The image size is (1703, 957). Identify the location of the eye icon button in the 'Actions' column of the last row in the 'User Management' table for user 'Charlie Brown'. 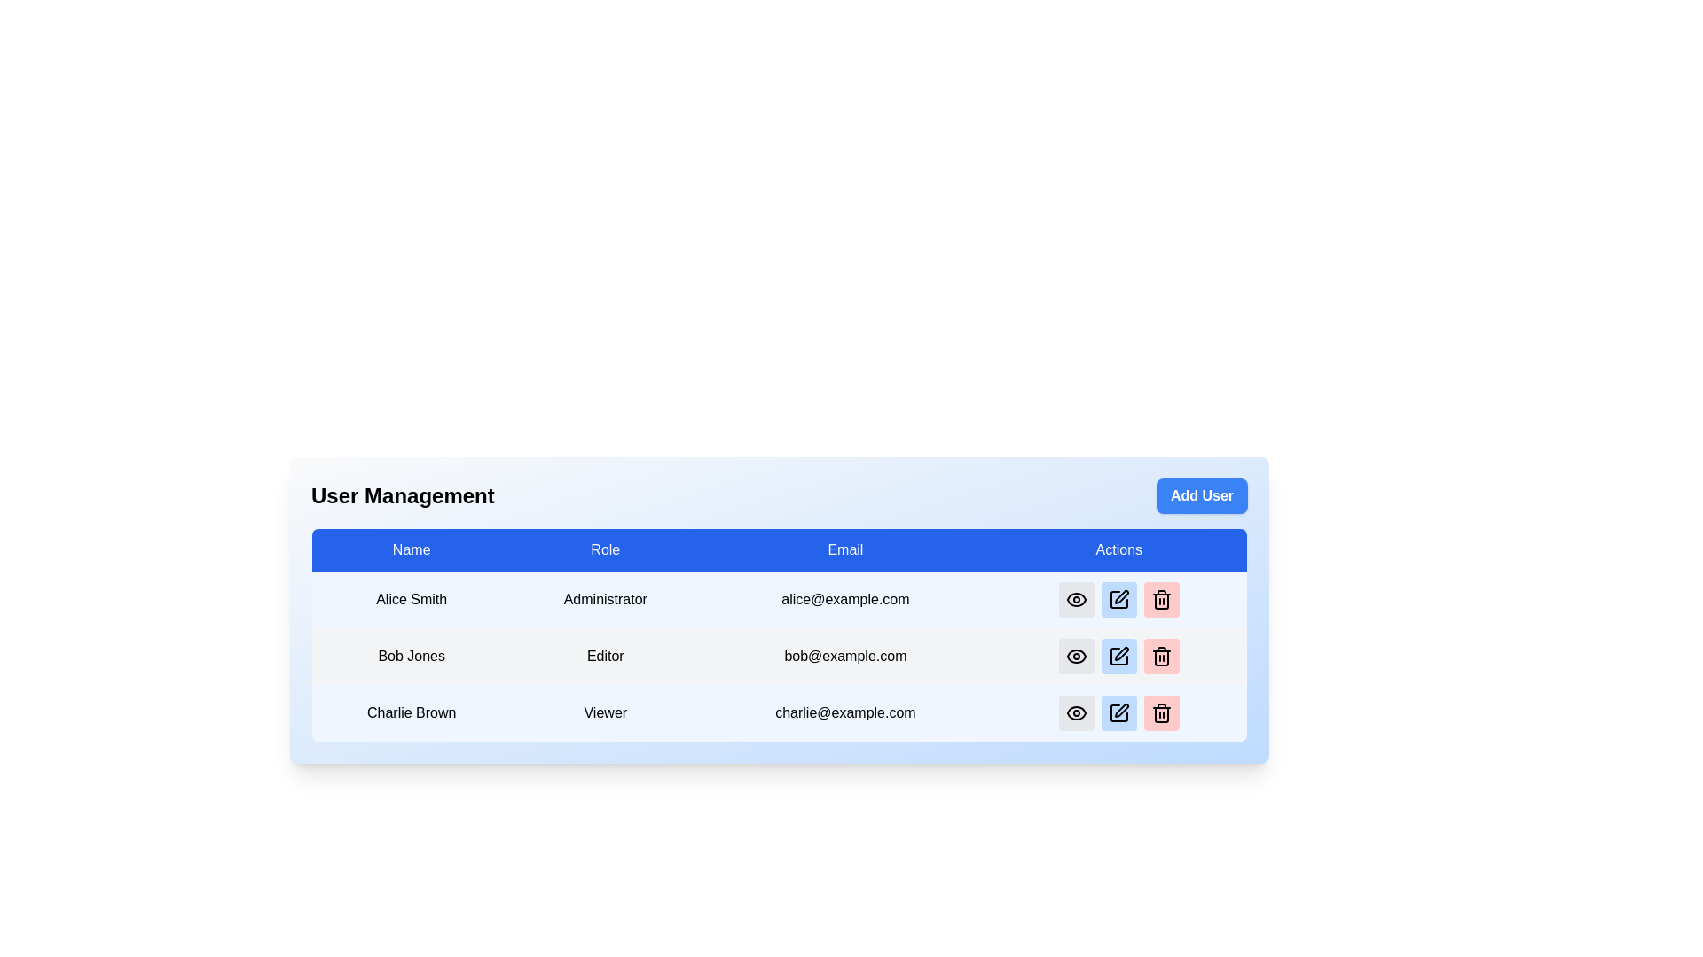
(1075, 712).